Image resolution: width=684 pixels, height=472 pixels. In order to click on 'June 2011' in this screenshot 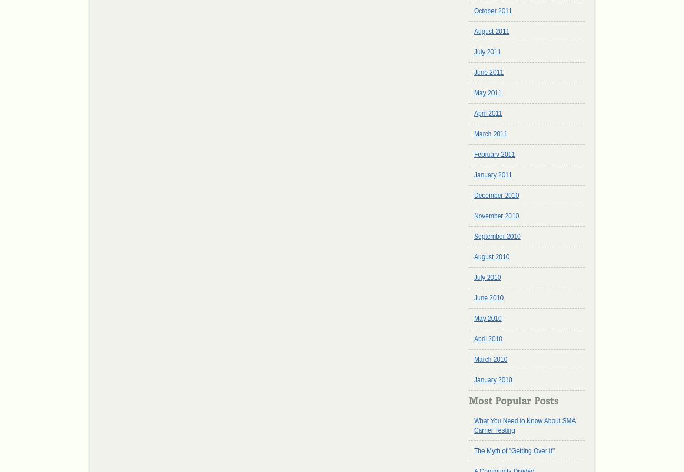, I will do `click(488, 71)`.